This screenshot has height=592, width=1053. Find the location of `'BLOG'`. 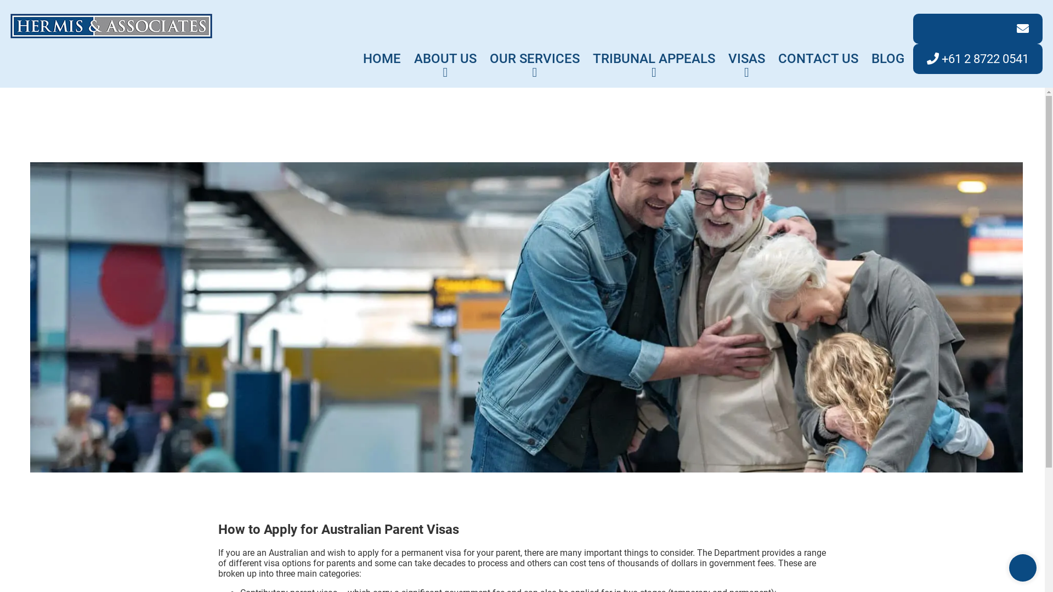

'BLOG' is located at coordinates (887, 53).